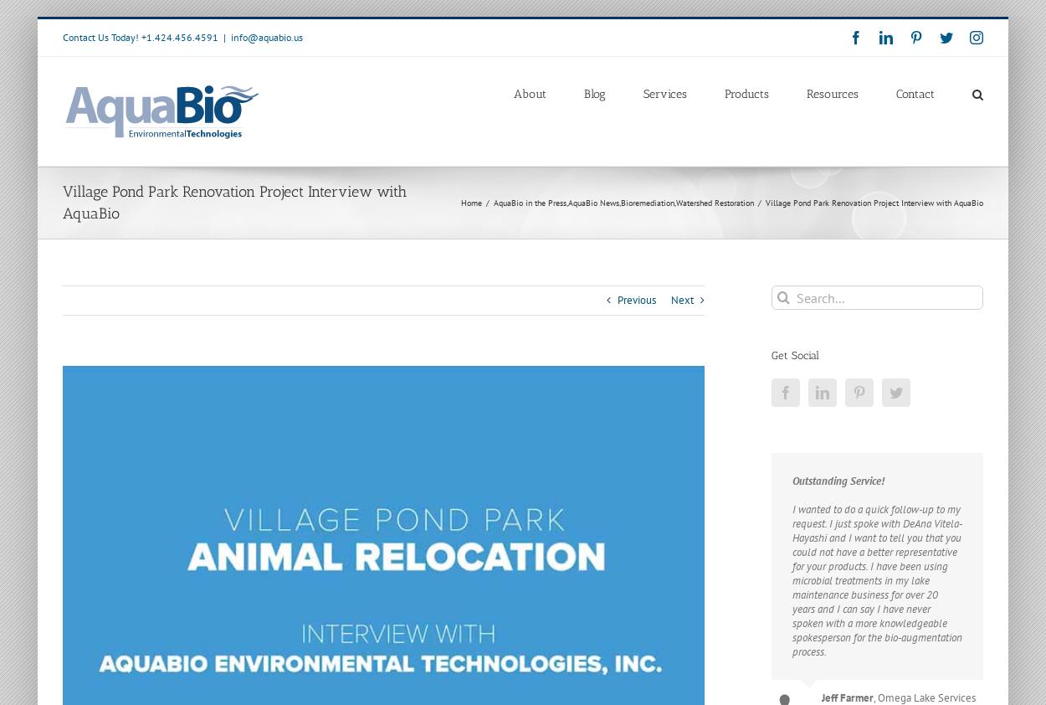 The image size is (1046, 705). What do you see at coordinates (592, 203) in the screenshot?
I see `'AquaBio News'` at bounding box center [592, 203].